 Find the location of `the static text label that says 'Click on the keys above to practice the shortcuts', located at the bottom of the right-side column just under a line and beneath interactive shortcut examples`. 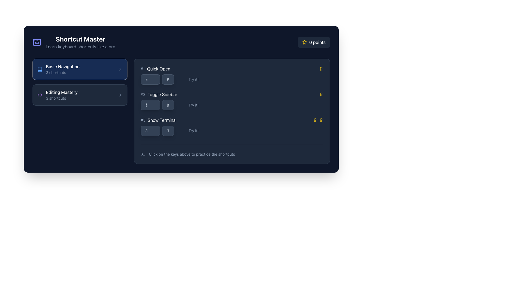

the static text label that says 'Click on the keys above to practice the shortcuts', located at the bottom of the right-side column just under a line and beneath interactive shortcut examples is located at coordinates (192, 154).